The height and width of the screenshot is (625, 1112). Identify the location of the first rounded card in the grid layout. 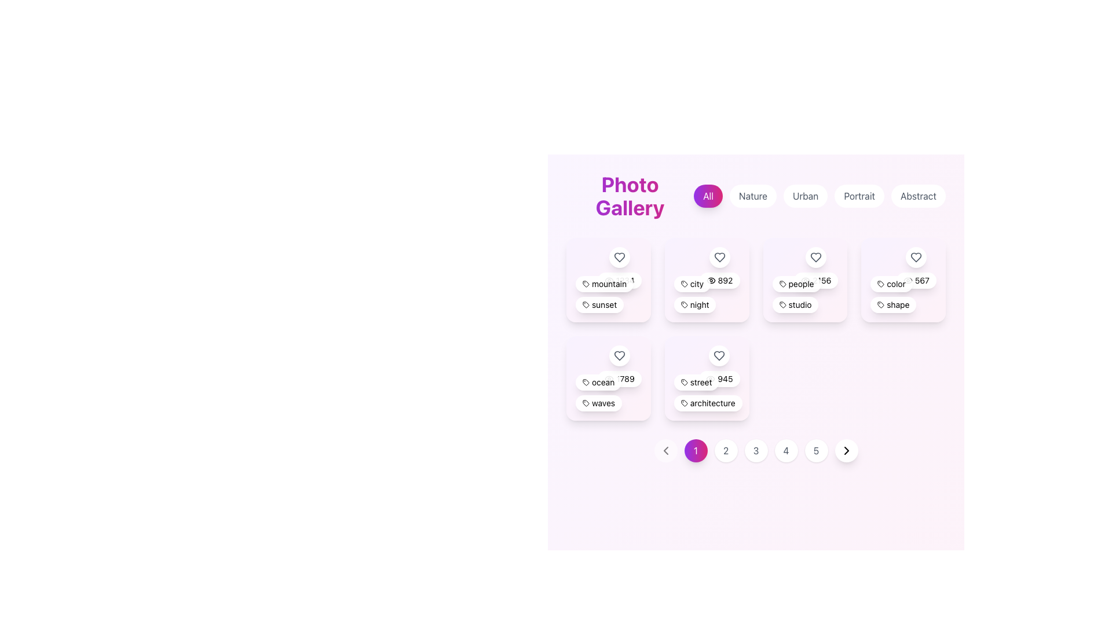
(608, 280).